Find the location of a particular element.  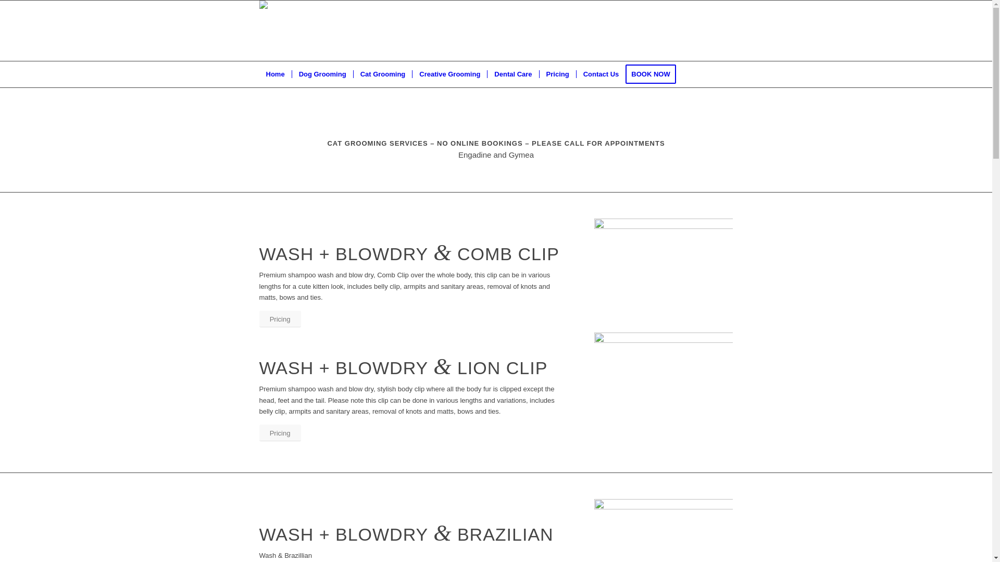

'Dental Care' is located at coordinates (512, 73).